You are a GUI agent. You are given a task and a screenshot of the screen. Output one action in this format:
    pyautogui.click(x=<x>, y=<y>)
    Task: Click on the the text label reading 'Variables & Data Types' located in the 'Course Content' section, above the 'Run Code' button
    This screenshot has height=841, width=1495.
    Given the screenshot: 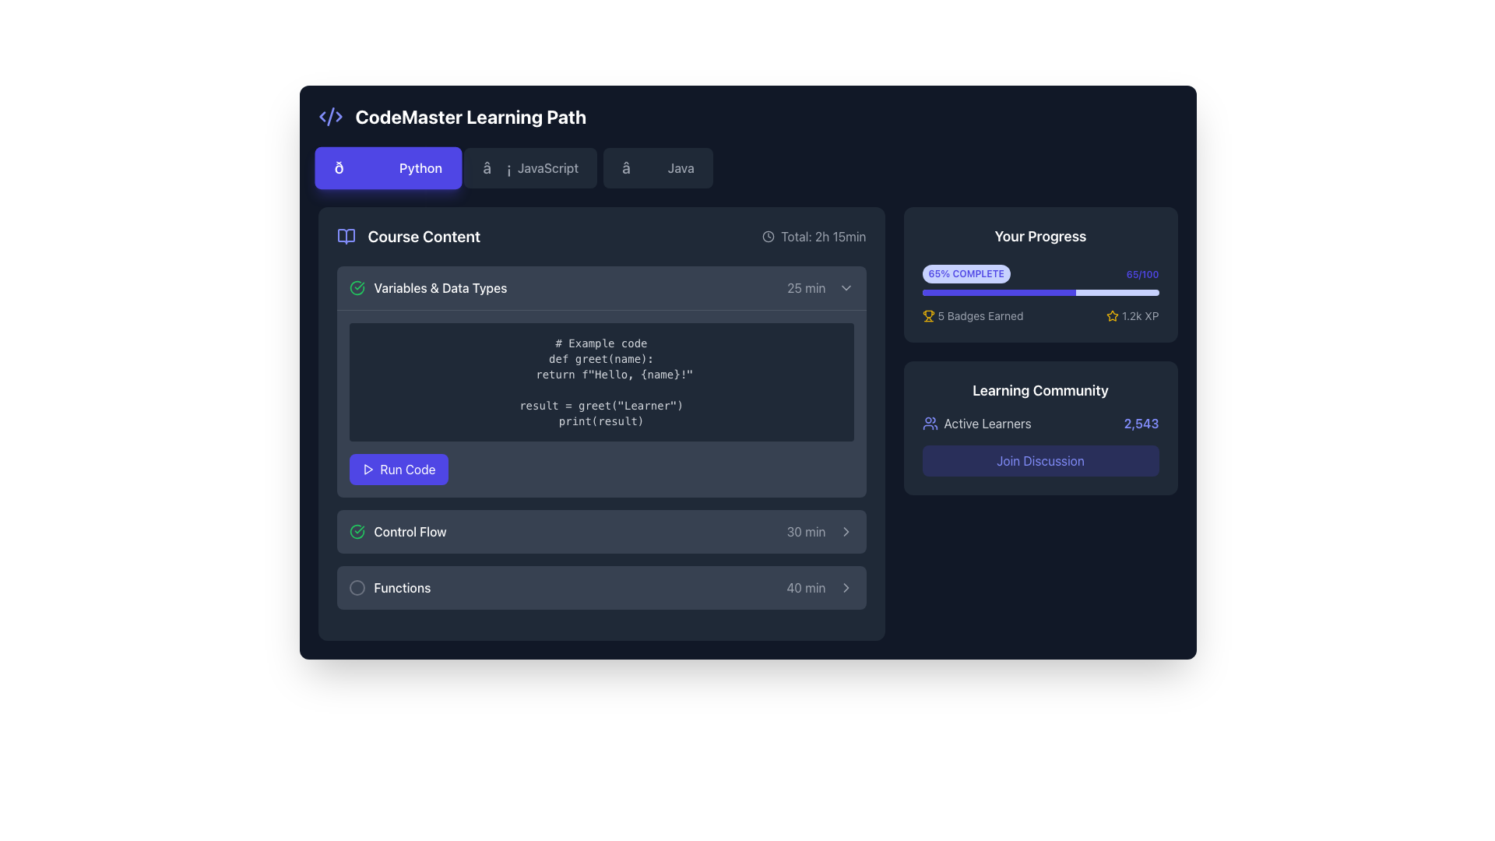 What is the action you would take?
    pyautogui.click(x=440, y=288)
    